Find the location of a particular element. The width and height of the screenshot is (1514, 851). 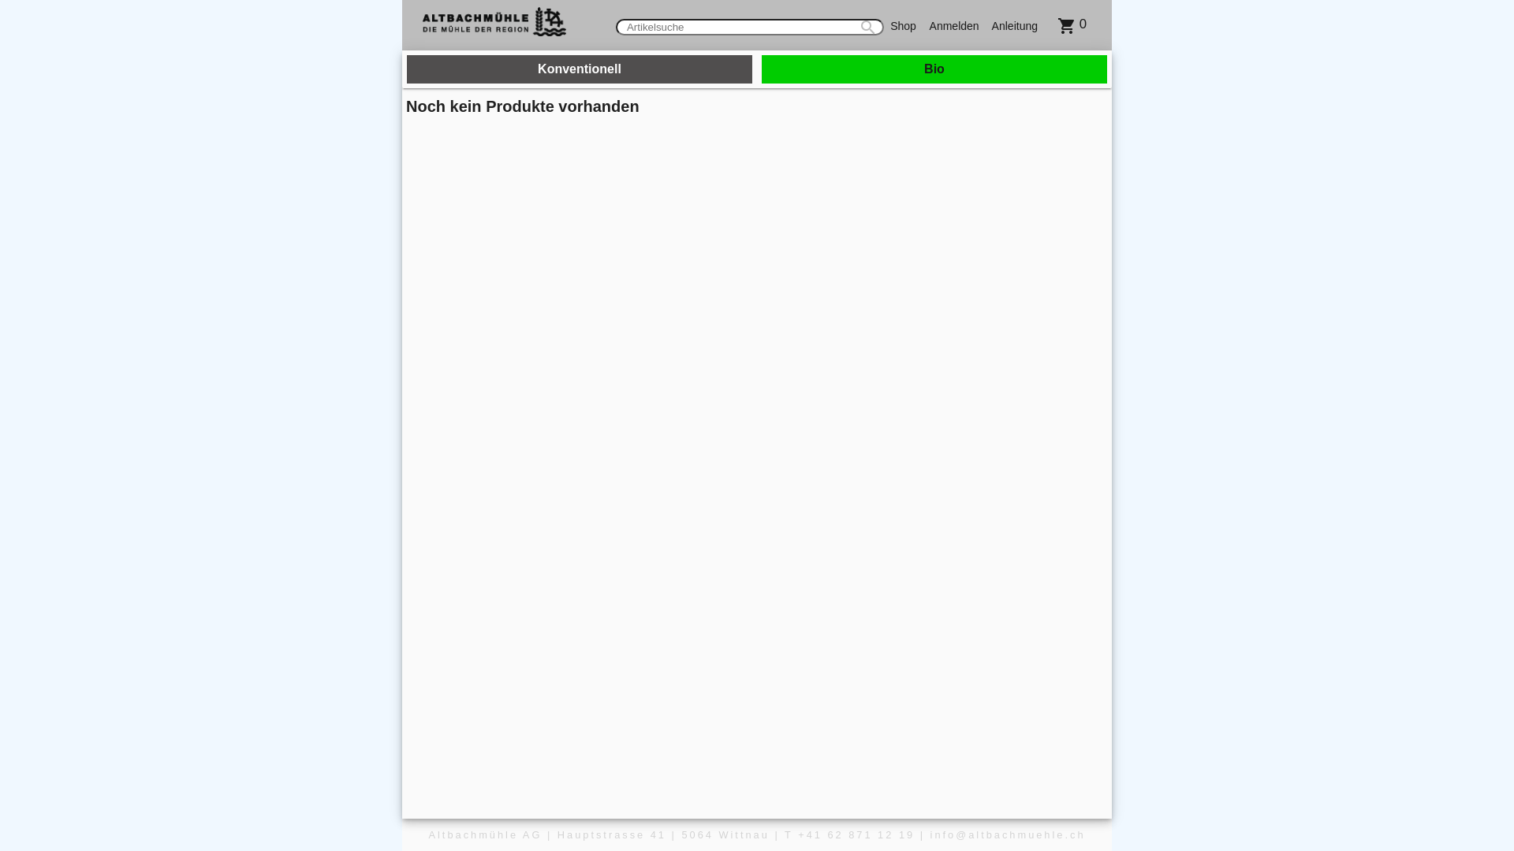

'Shop' is located at coordinates (884, 24).